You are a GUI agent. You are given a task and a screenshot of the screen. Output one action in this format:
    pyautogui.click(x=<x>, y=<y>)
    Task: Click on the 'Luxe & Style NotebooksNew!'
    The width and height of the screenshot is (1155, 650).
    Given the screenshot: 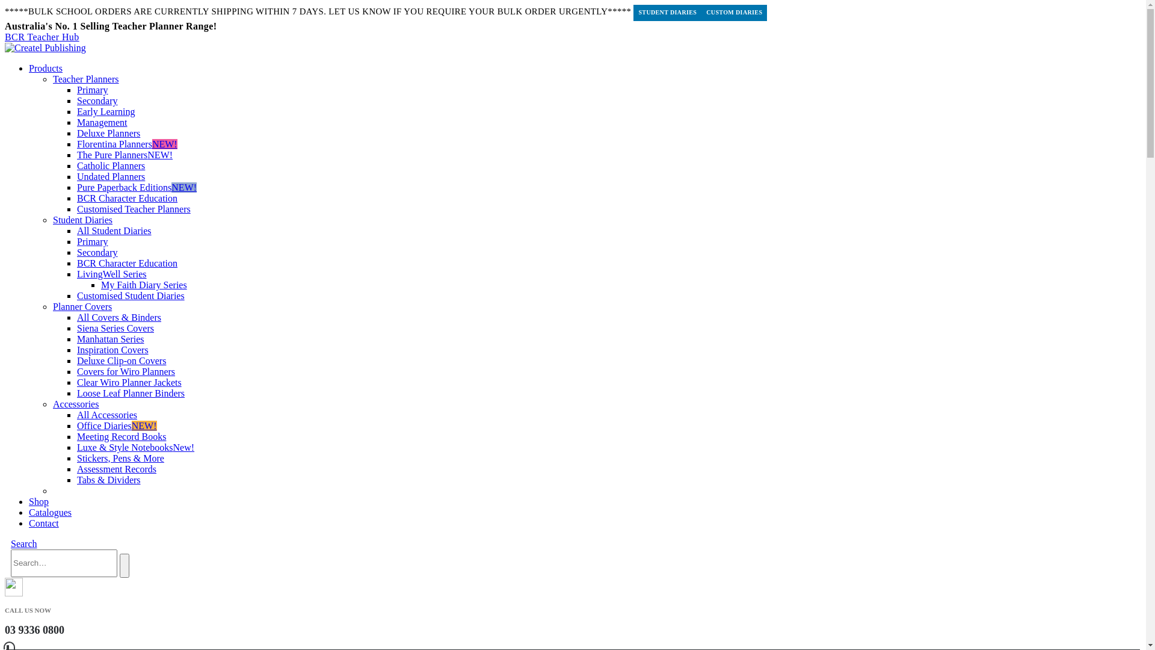 What is the action you would take?
    pyautogui.click(x=76, y=447)
    